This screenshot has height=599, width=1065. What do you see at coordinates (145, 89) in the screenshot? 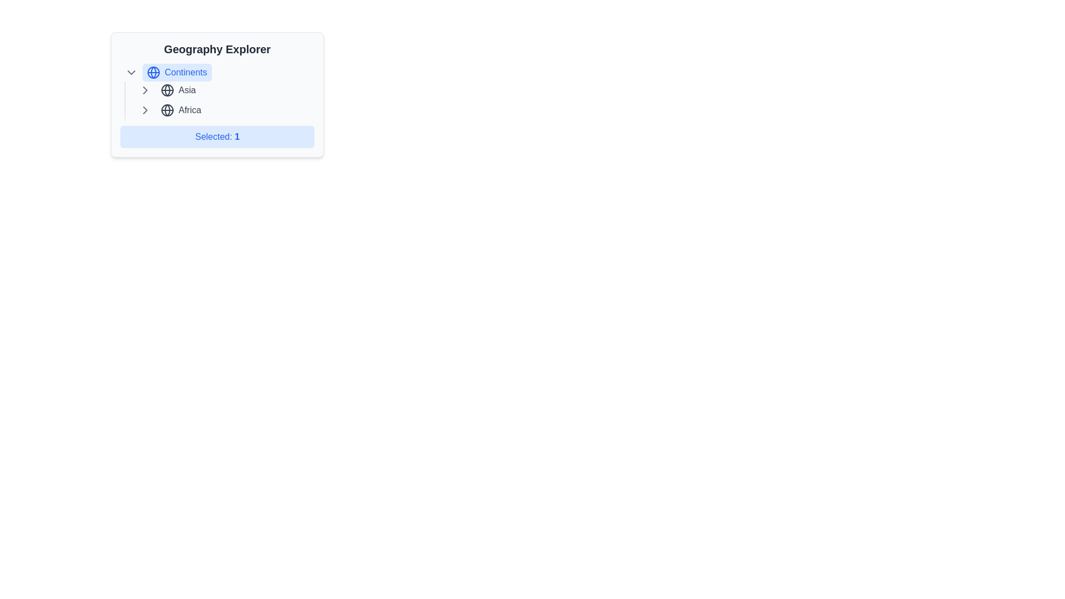
I see `the right-facing chevron arrow icon located to the left of the text label 'Africa'` at bounding box center [145, 89].